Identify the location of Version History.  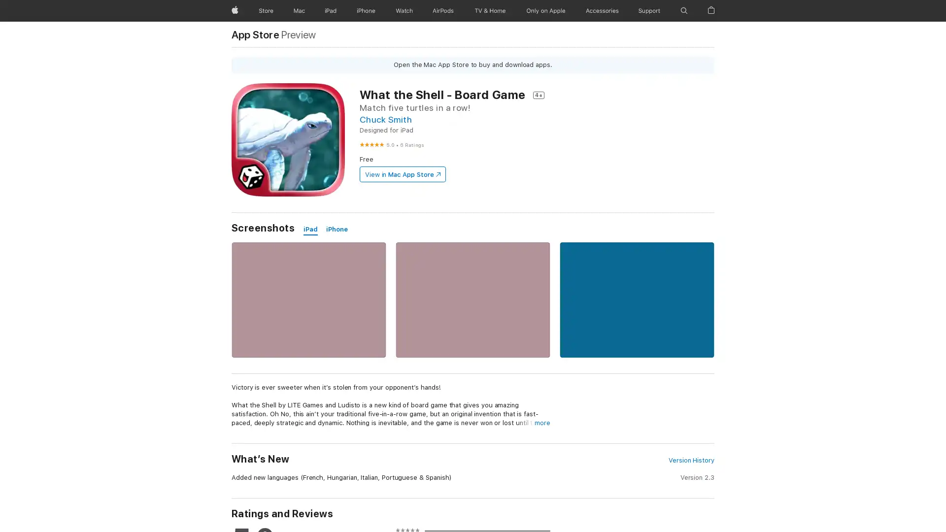
(690, 460).